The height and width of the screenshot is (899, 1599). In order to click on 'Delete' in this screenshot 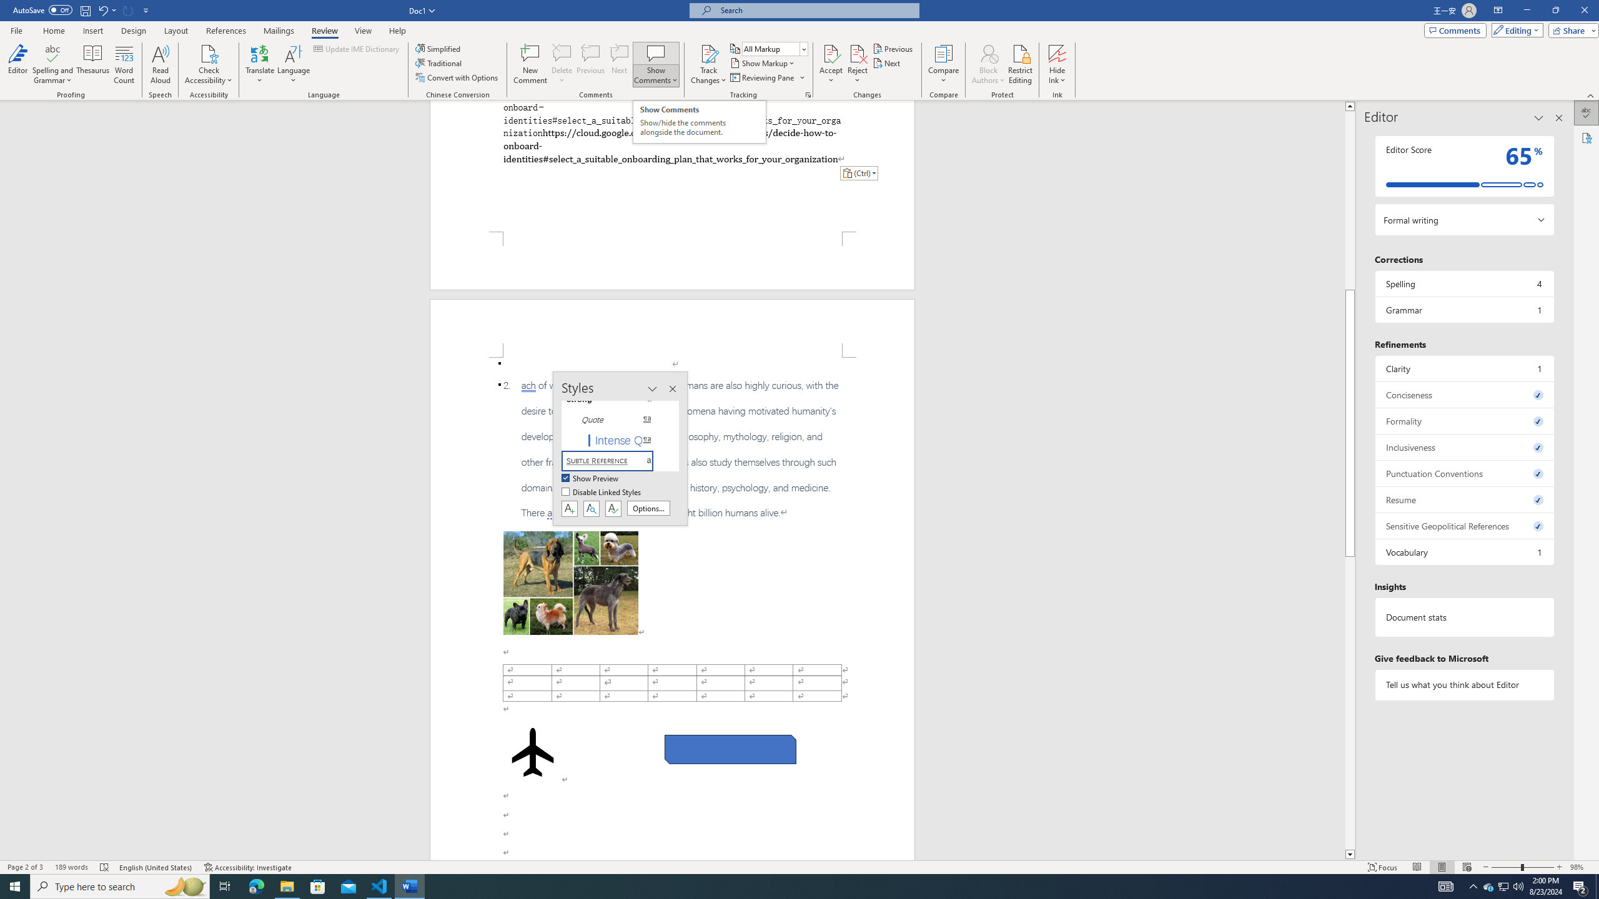, I will do `click(561, 52)`.